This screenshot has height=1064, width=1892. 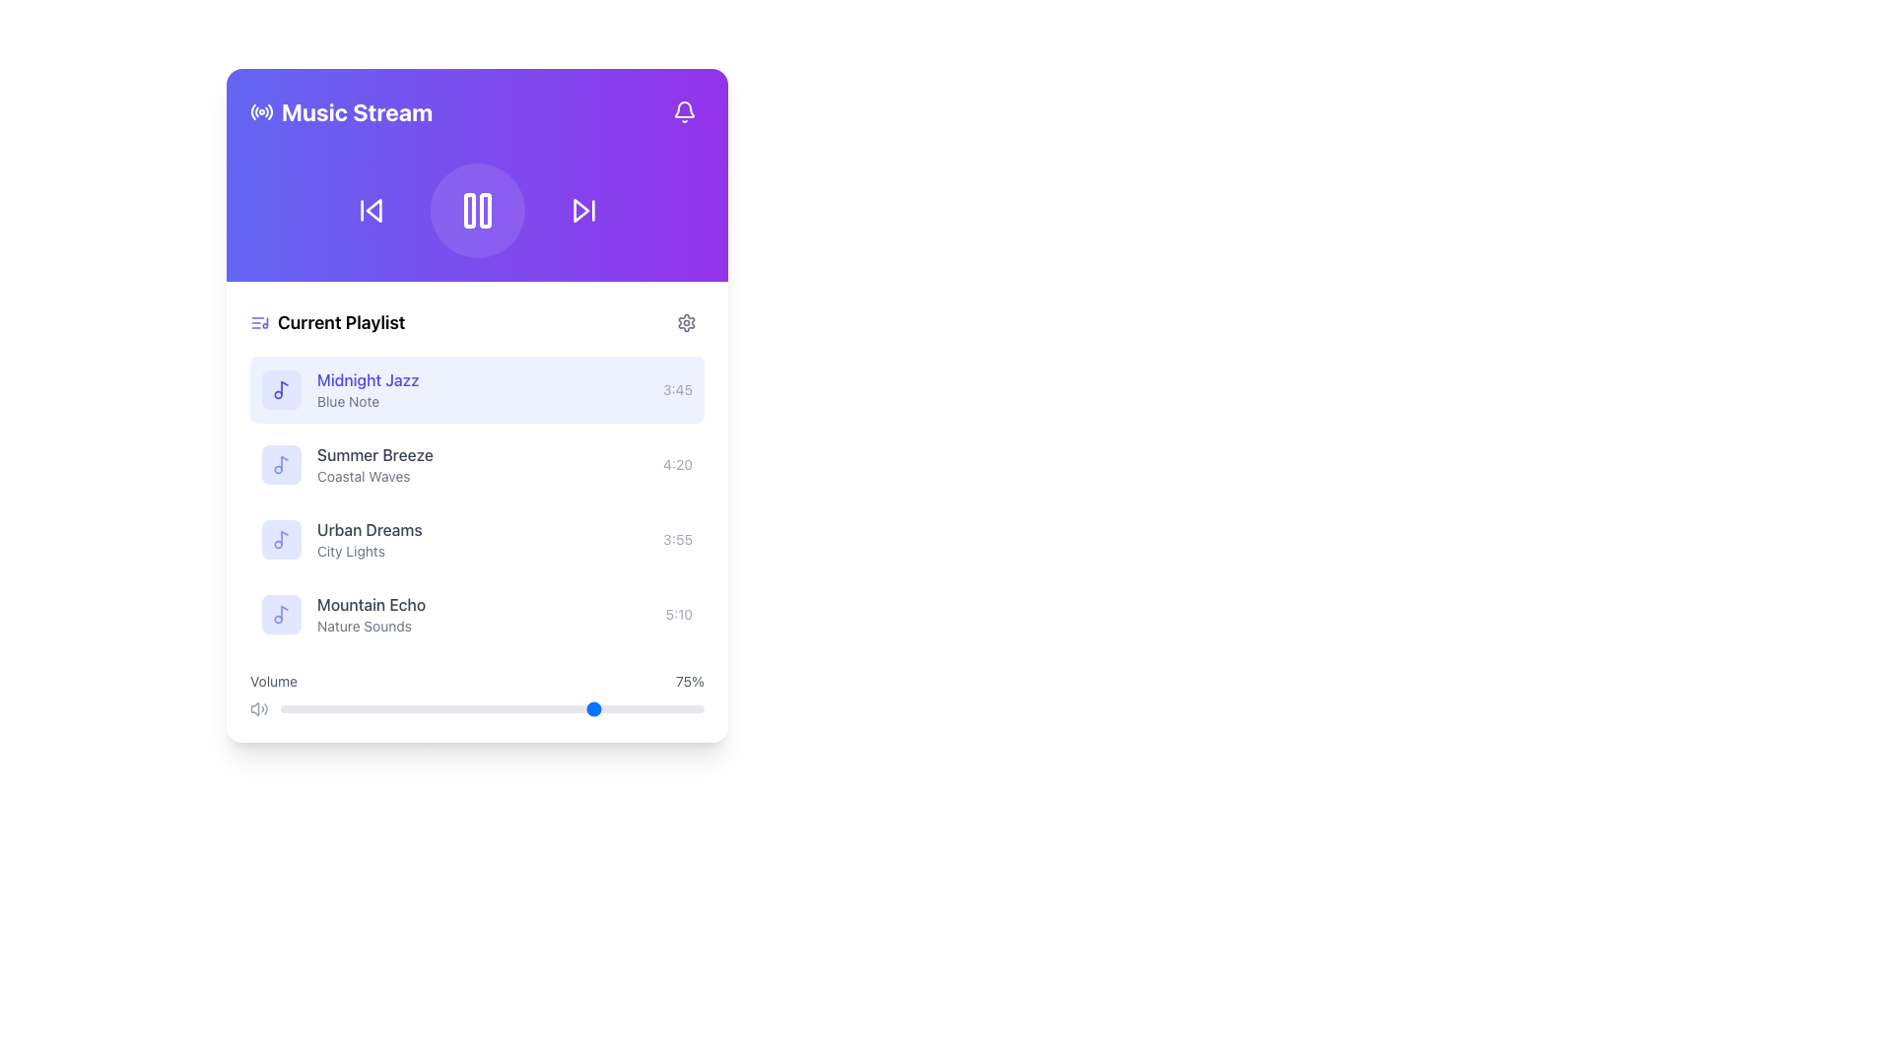 What do you see at coordinates (477, 210) in the screenshot?
I see `the pause button located in the header section, which is part of a rounded icon button group` at bounding box center [477, 210].